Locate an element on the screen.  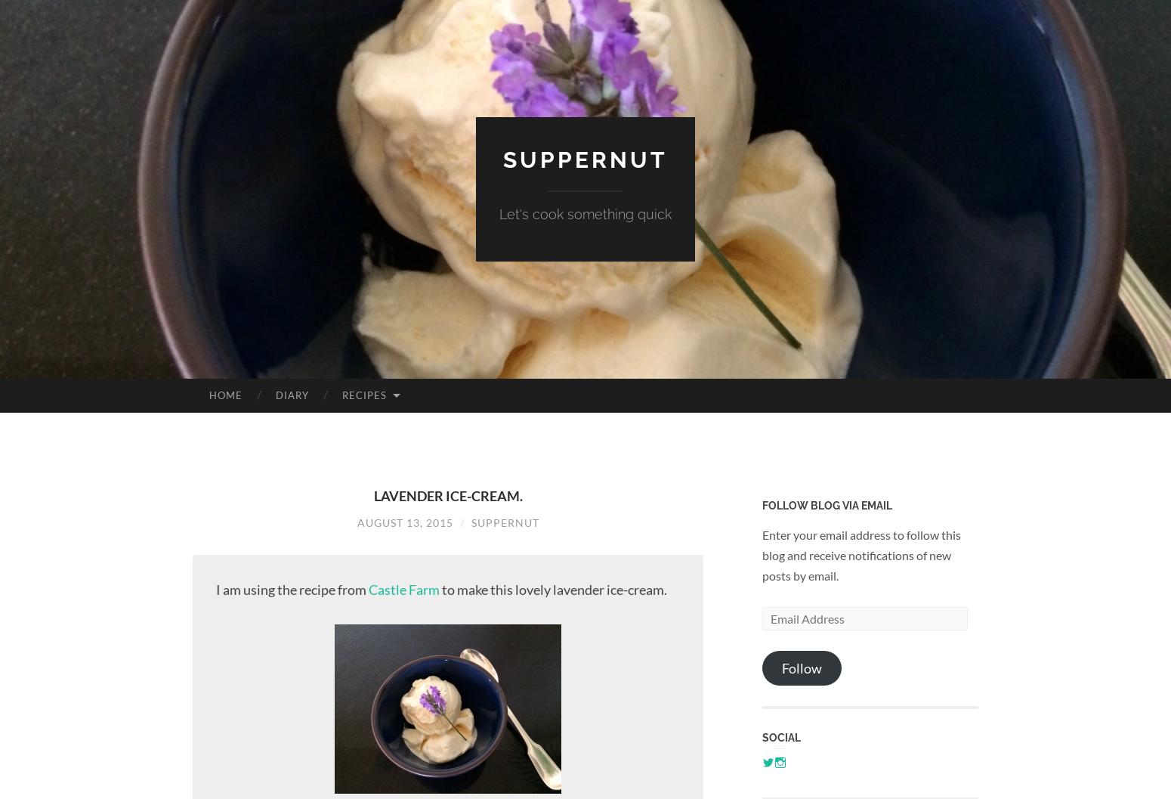
'August 13, 2015' is located at coordinates (355, 521).